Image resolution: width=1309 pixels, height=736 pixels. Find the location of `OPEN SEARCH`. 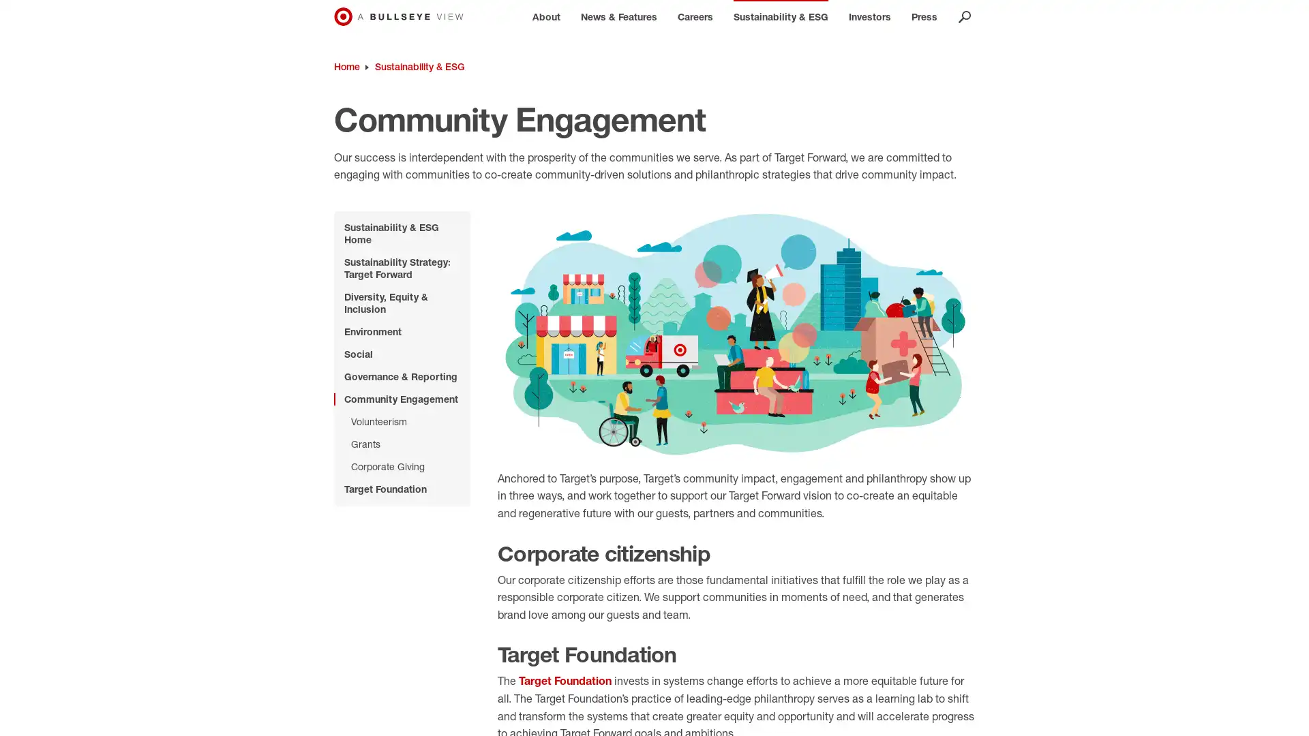

OPEN SEARCH is located at coordinates (964, 16).